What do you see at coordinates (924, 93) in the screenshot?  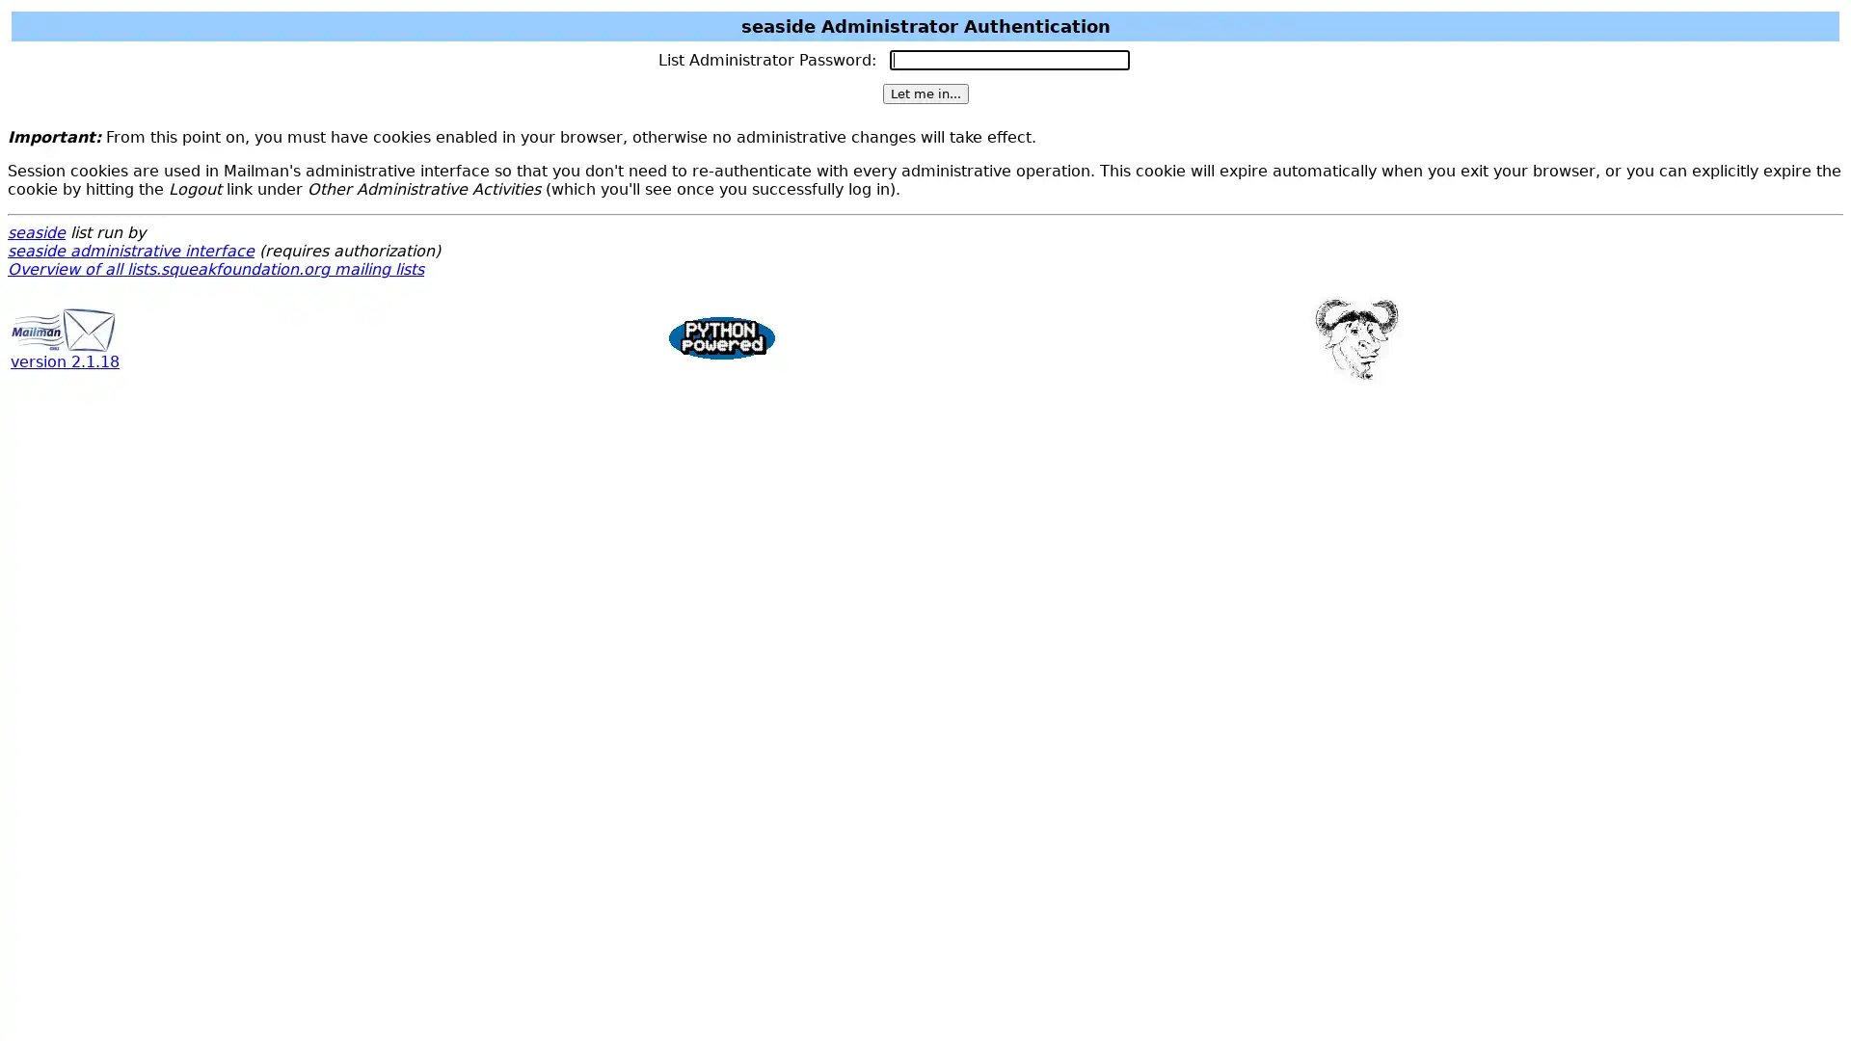 I see `Let me in...` at bounding box center [924, 93].